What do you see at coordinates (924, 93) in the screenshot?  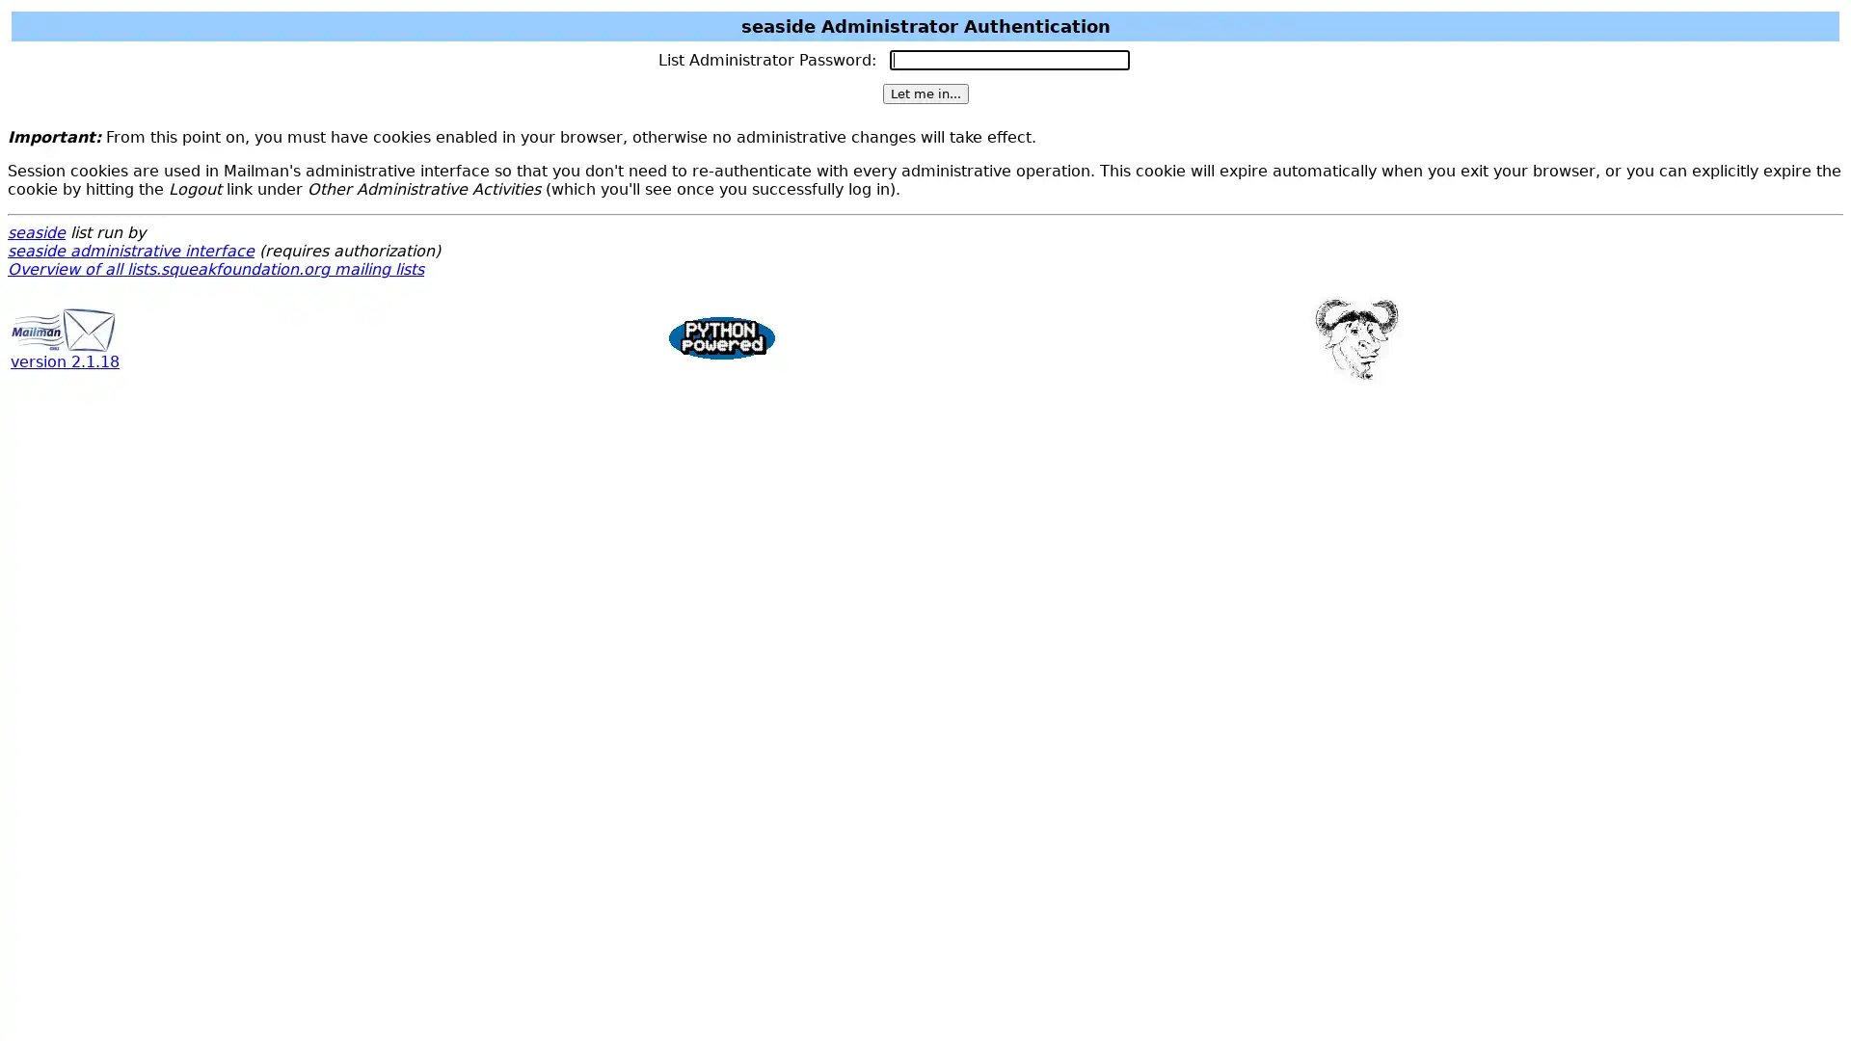 I see `Let me in...` at bounding box center [924, 93].